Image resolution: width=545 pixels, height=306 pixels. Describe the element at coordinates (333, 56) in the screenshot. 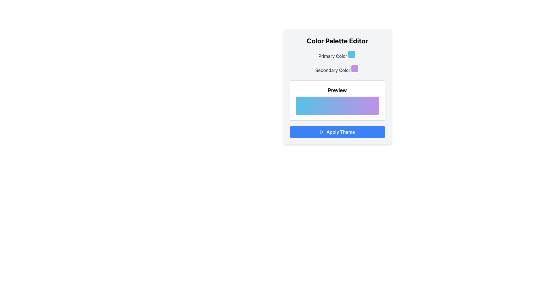

I see `the 'Primary Color' label text, which is a medium font size in grayish hue (#707070), located above the preview box in the 'Color Palette Editor' interface` at that location.